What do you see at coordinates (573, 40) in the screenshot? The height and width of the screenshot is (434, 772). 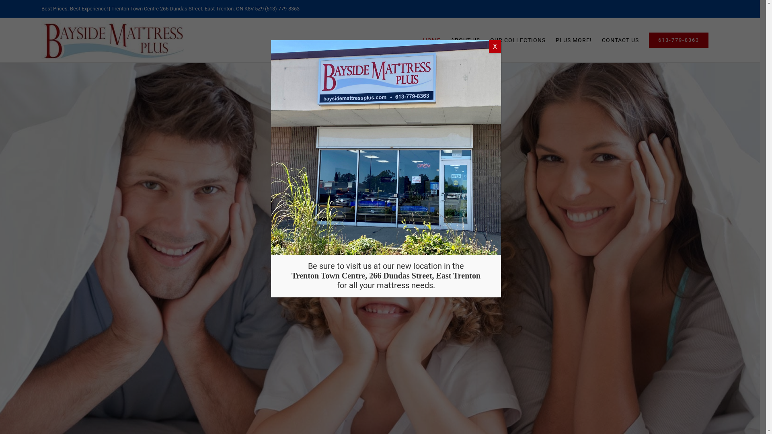 I see `'PLUS MORE!'` at bounding box center [573, 40].